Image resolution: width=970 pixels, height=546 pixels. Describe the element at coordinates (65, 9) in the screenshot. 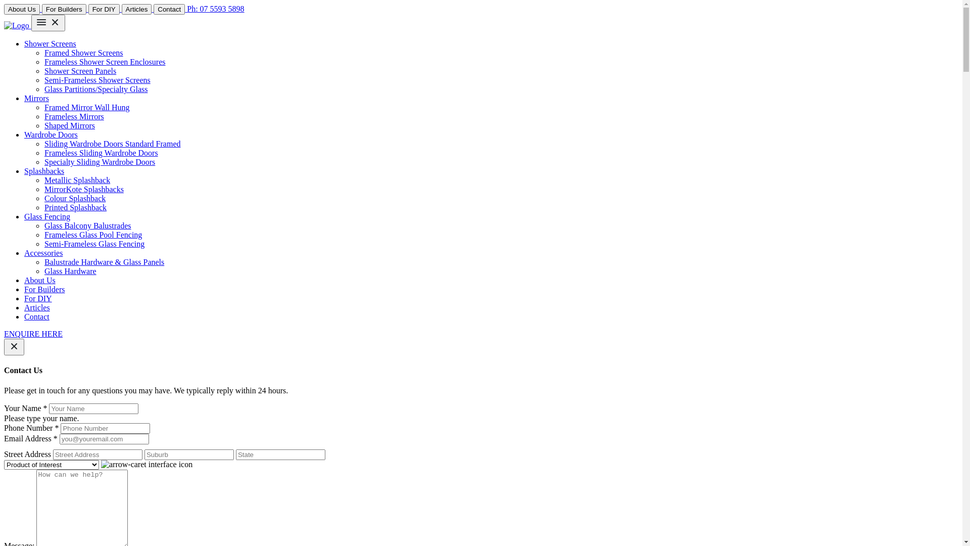

I see `'For Builders'` at that location.